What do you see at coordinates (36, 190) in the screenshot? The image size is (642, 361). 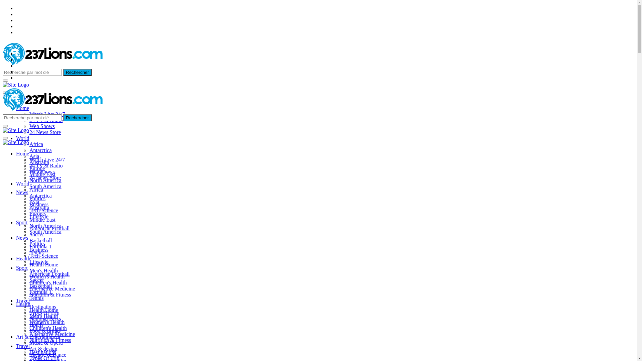 I see `'Africa'` at bounding box center [36, 190].